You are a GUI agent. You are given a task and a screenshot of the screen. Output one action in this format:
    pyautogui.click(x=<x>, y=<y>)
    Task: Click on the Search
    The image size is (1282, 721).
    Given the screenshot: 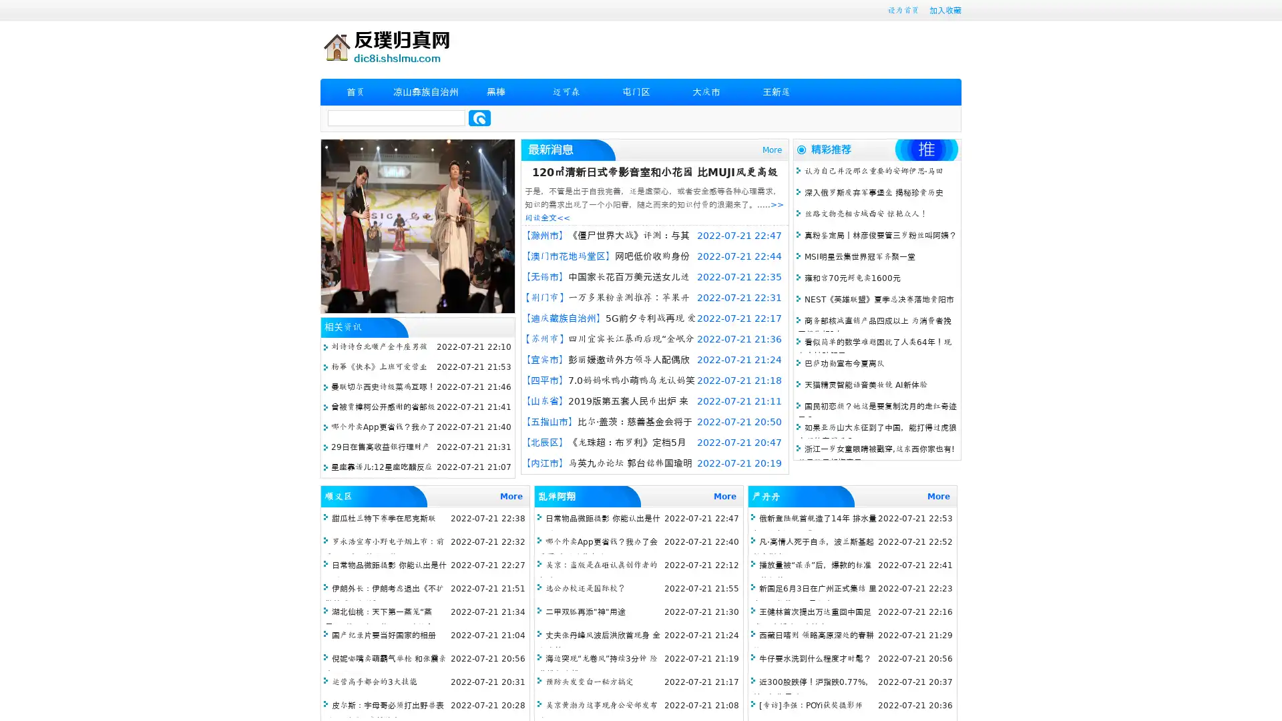 What is the action you would take?
    pyautogui.click(x=479, y=117)
    